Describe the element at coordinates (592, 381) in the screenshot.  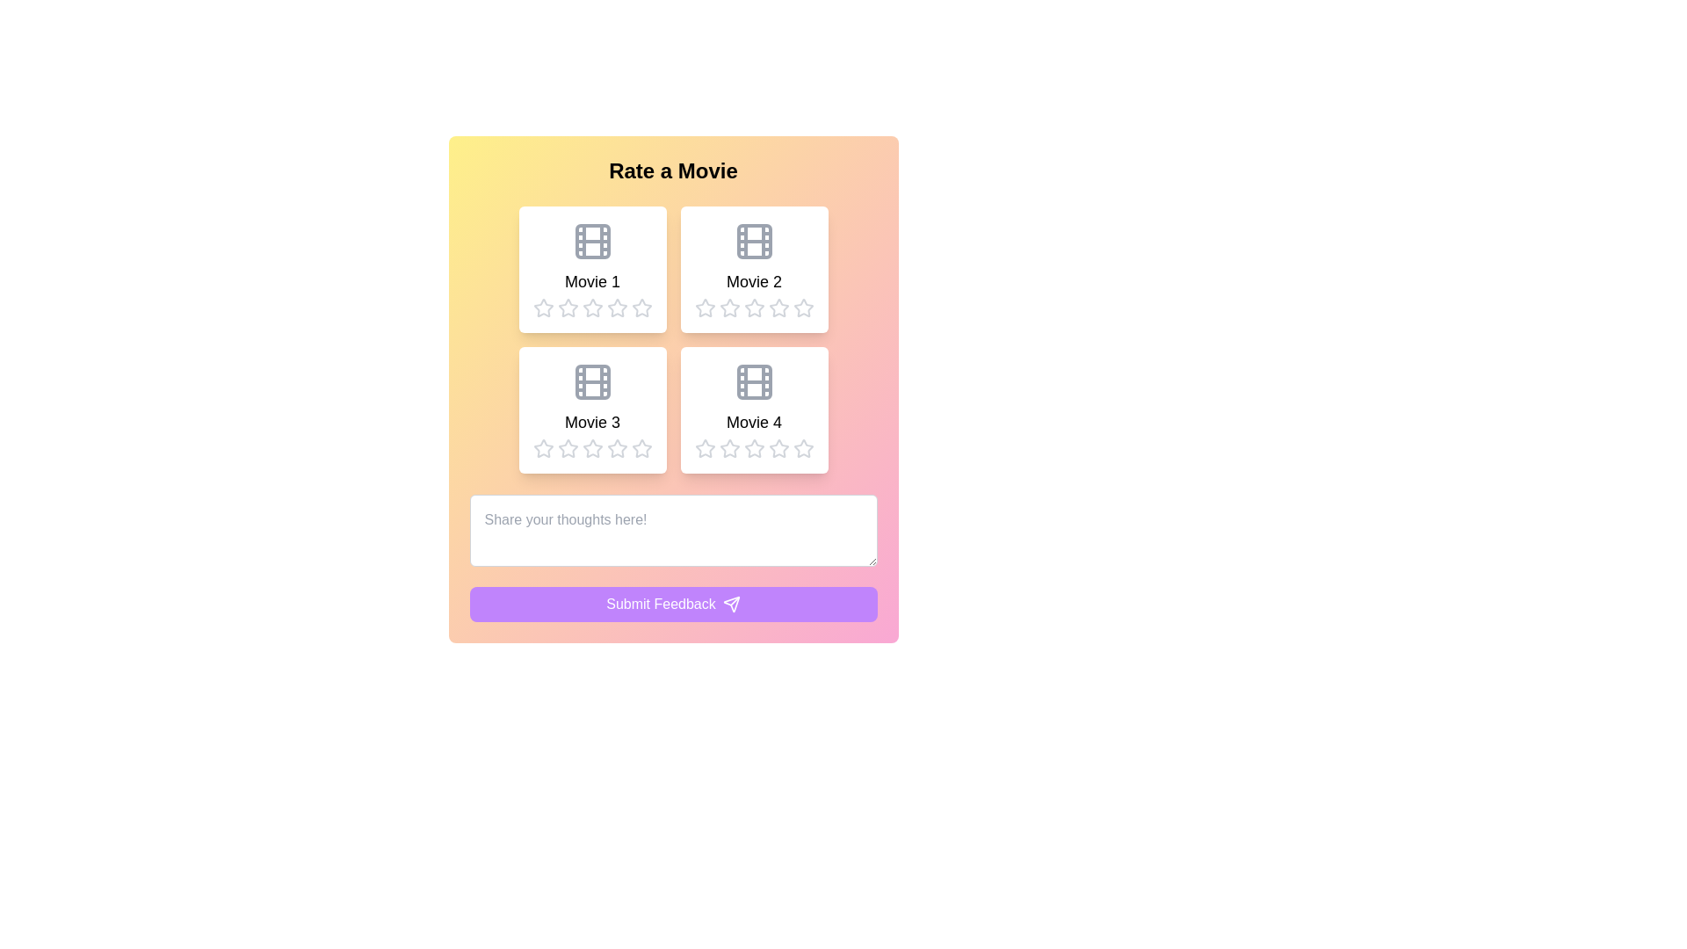
I see `the gray film reel icon, which is the uppermost element in the 'Movie 3' section of the interface, centered horizontally` at that location.